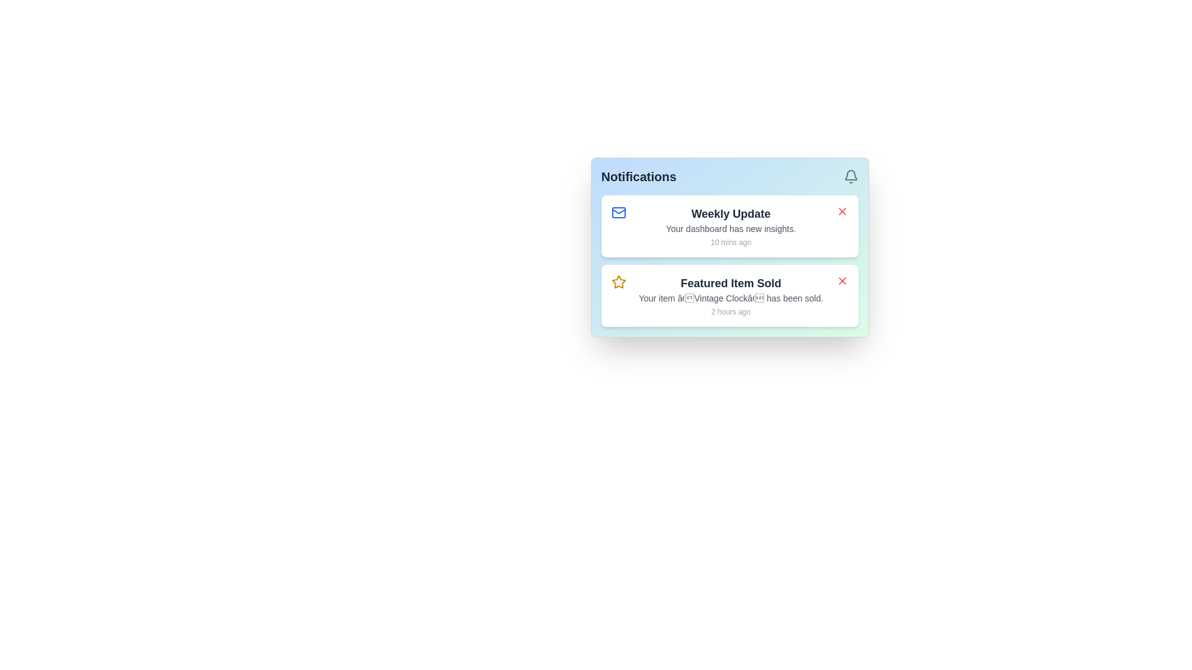 The width and height of the screenshot is (1192, 670). Describe the element at coordinates (731, 229) in the screenshot. I see `the Text Label that provides additional information for the notification titled 'Weekly Update', which is located directly underneath 'Weekly Update' and above '10 mins ago'` at that location.